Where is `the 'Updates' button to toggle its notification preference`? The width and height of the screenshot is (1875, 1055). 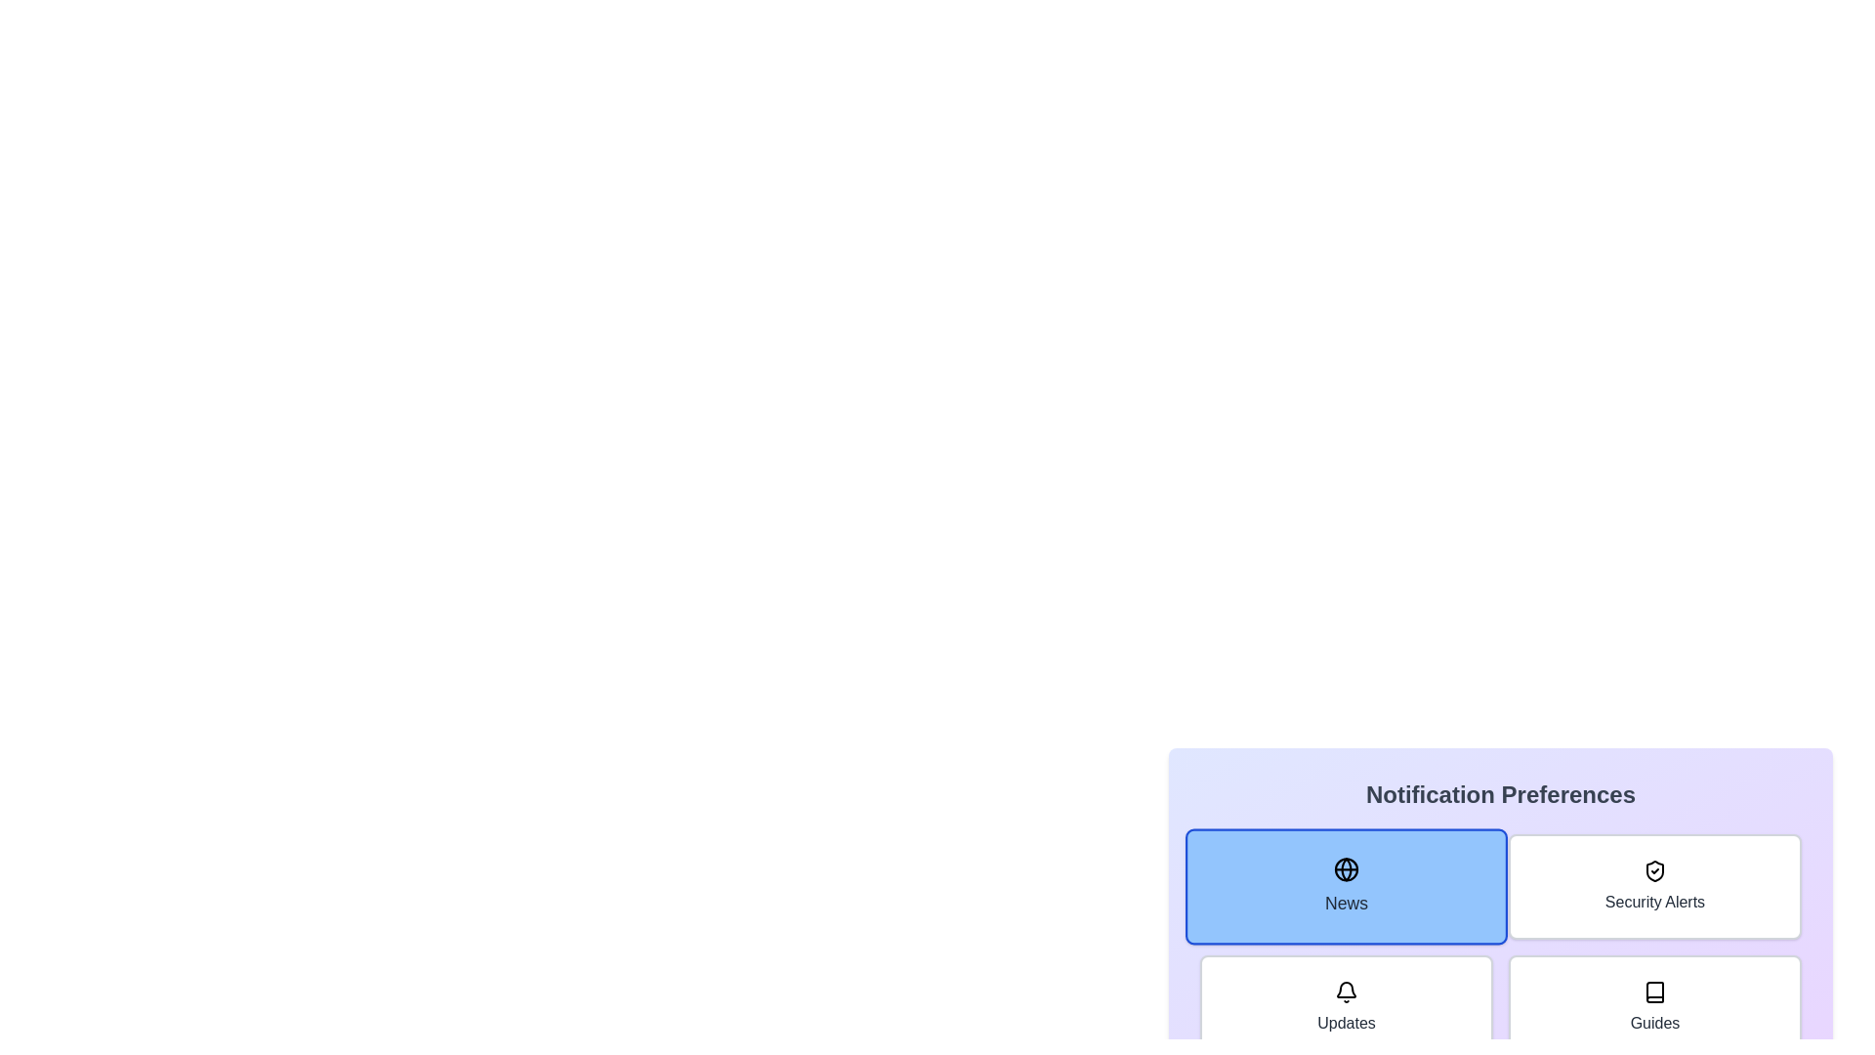
the 'Updates' button to toggle its notification preference is located at coordinates (1345, 1008).